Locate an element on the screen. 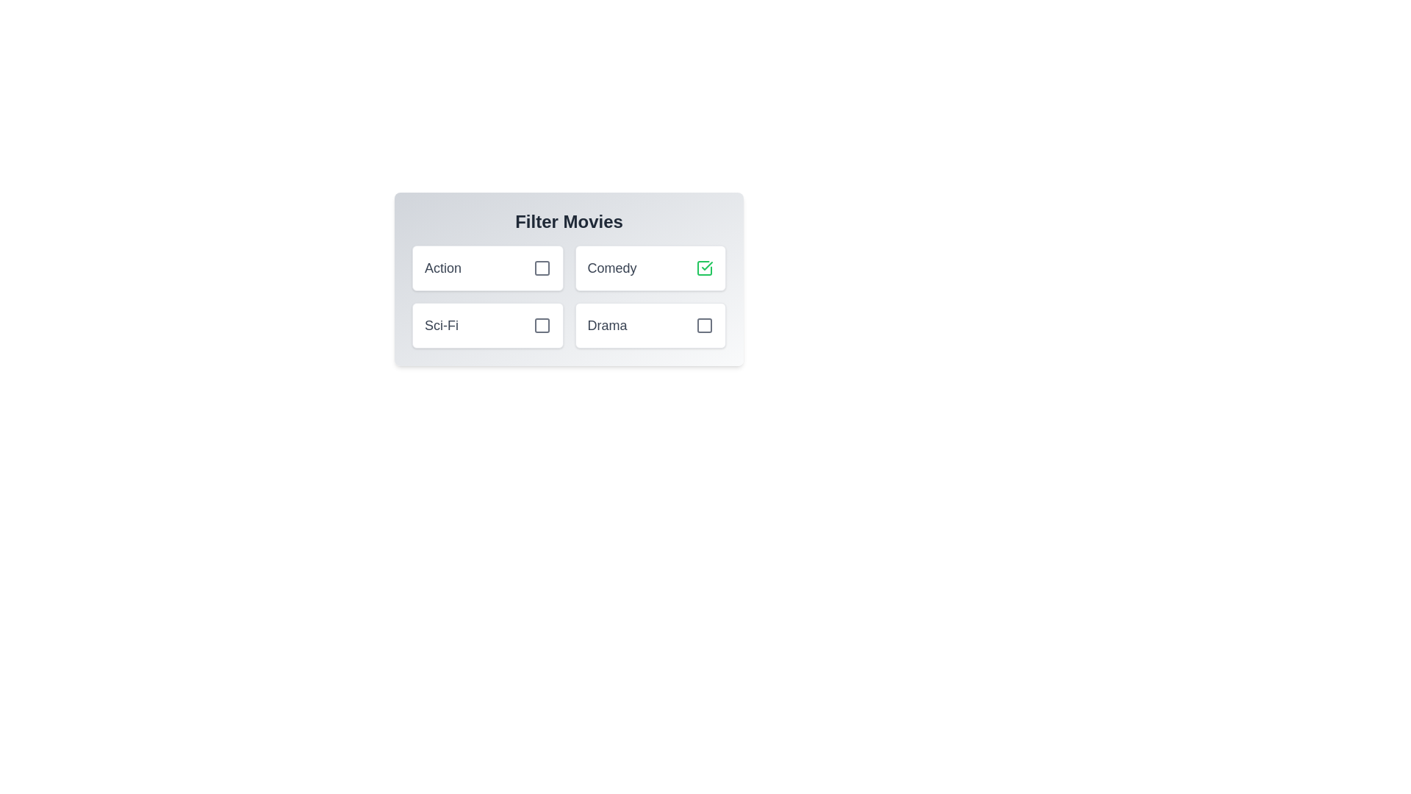 The image size is (1411, 794). the genre Sci-Fi is located at coordinates (541, 325).